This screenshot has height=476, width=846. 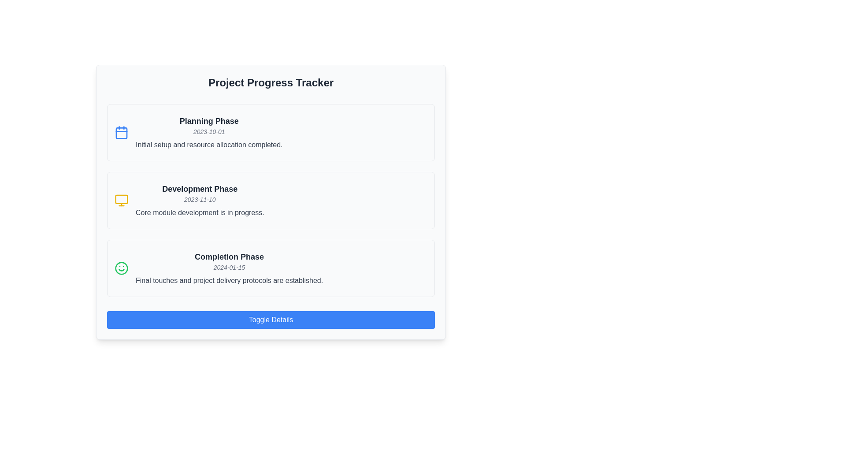 What do you see at coordinates (229, 280) in the screenshot?
I see `the static text element that provides details about the 'Completion Phase', located below the date '2024-01-15'` at bounding box center [229, 280].